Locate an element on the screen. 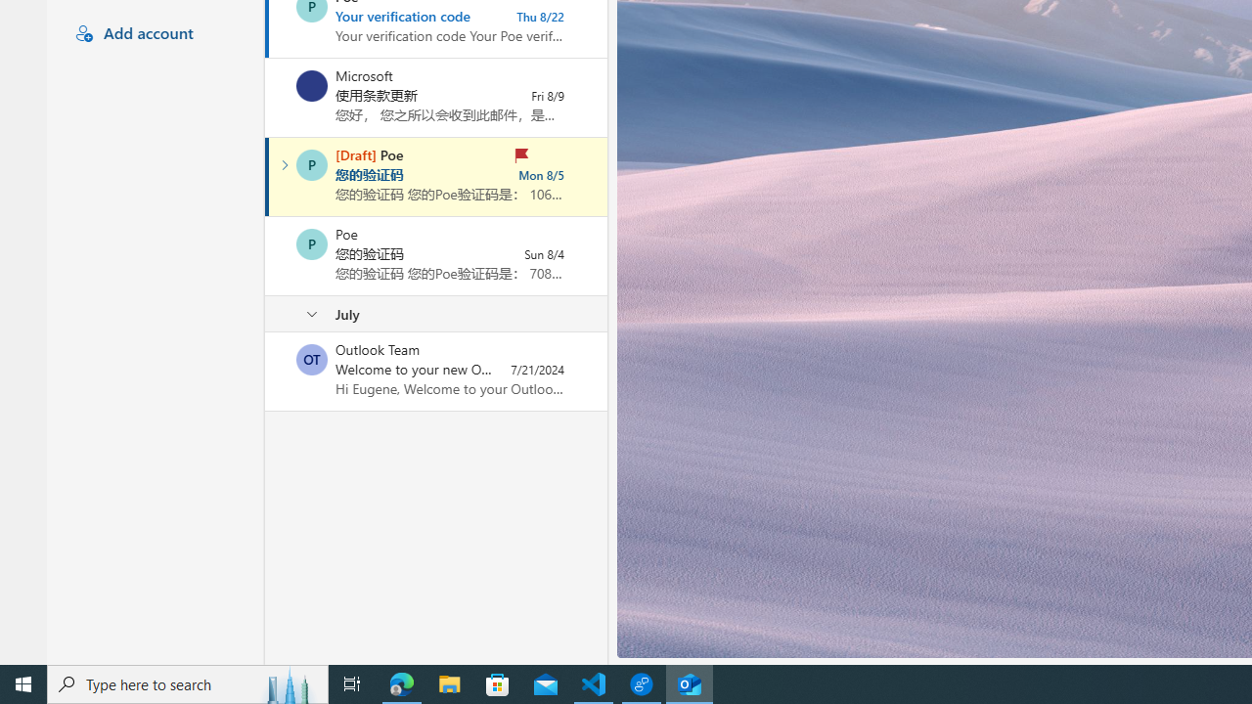 This screenshot has height=704, width=1252. 'Expand conversation' is located at coordinates (284, 163).